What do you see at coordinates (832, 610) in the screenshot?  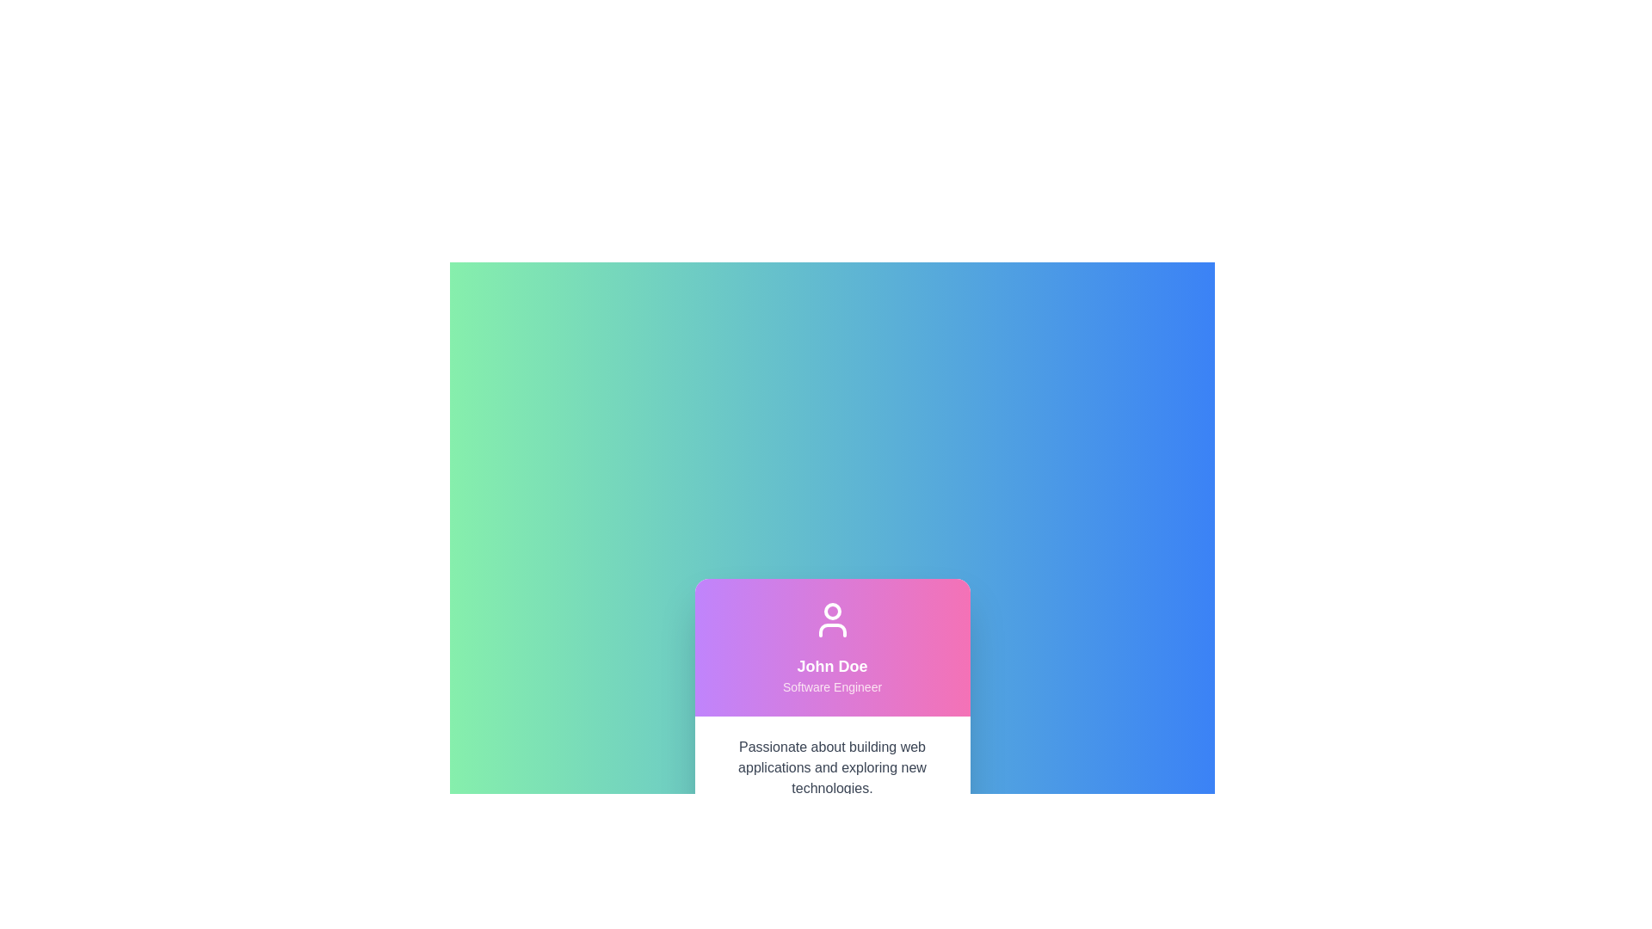 I see `the small circular graphical element located centrally within the user avatar icon on the top center of the rectangular card` at bounding box center [832, 610].